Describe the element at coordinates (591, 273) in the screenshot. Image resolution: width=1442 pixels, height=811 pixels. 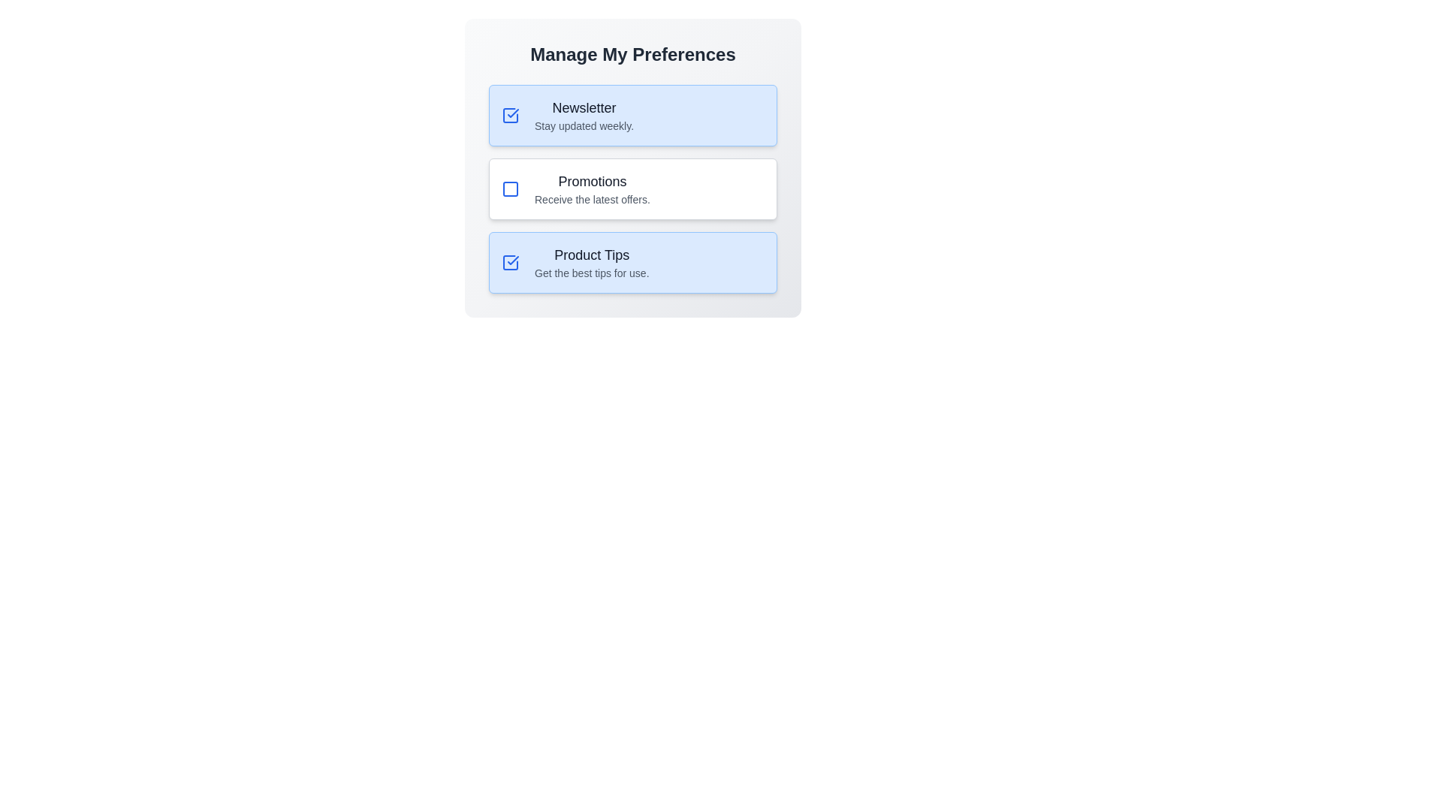
I see `the text label that reads 'Get the best tips for use.' which is styled with a small font size and light gray color, located directly below the 'Product Tips' heading` at that location.